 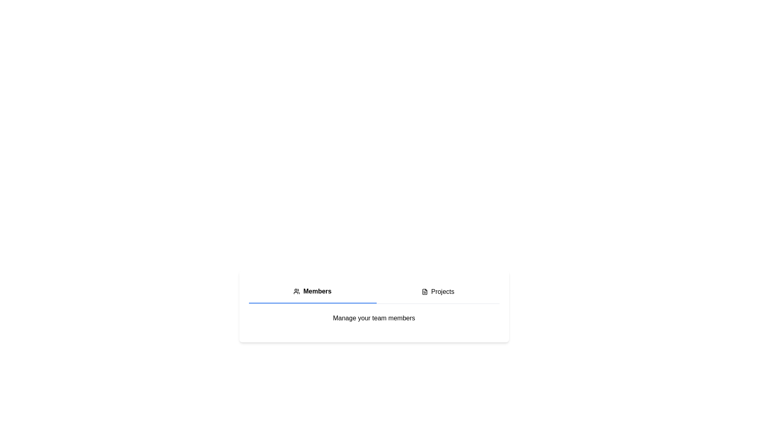 I want to click on the 'Projects' text label which serves as a clickable navigation option in the interface, so click(x=442, y=292).